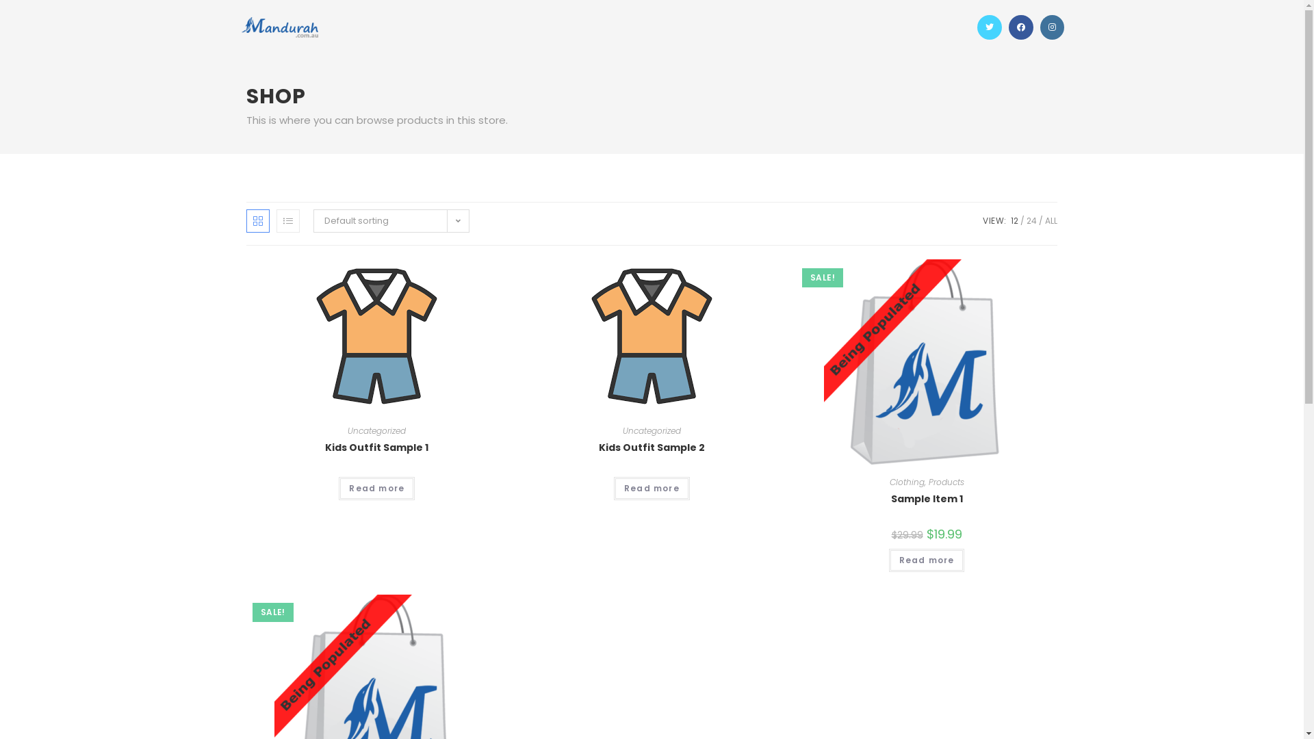  What do you see at coordinates (907, 481) in the screenshot?
I see `'Clothing'` at bounding box center [907, 481].